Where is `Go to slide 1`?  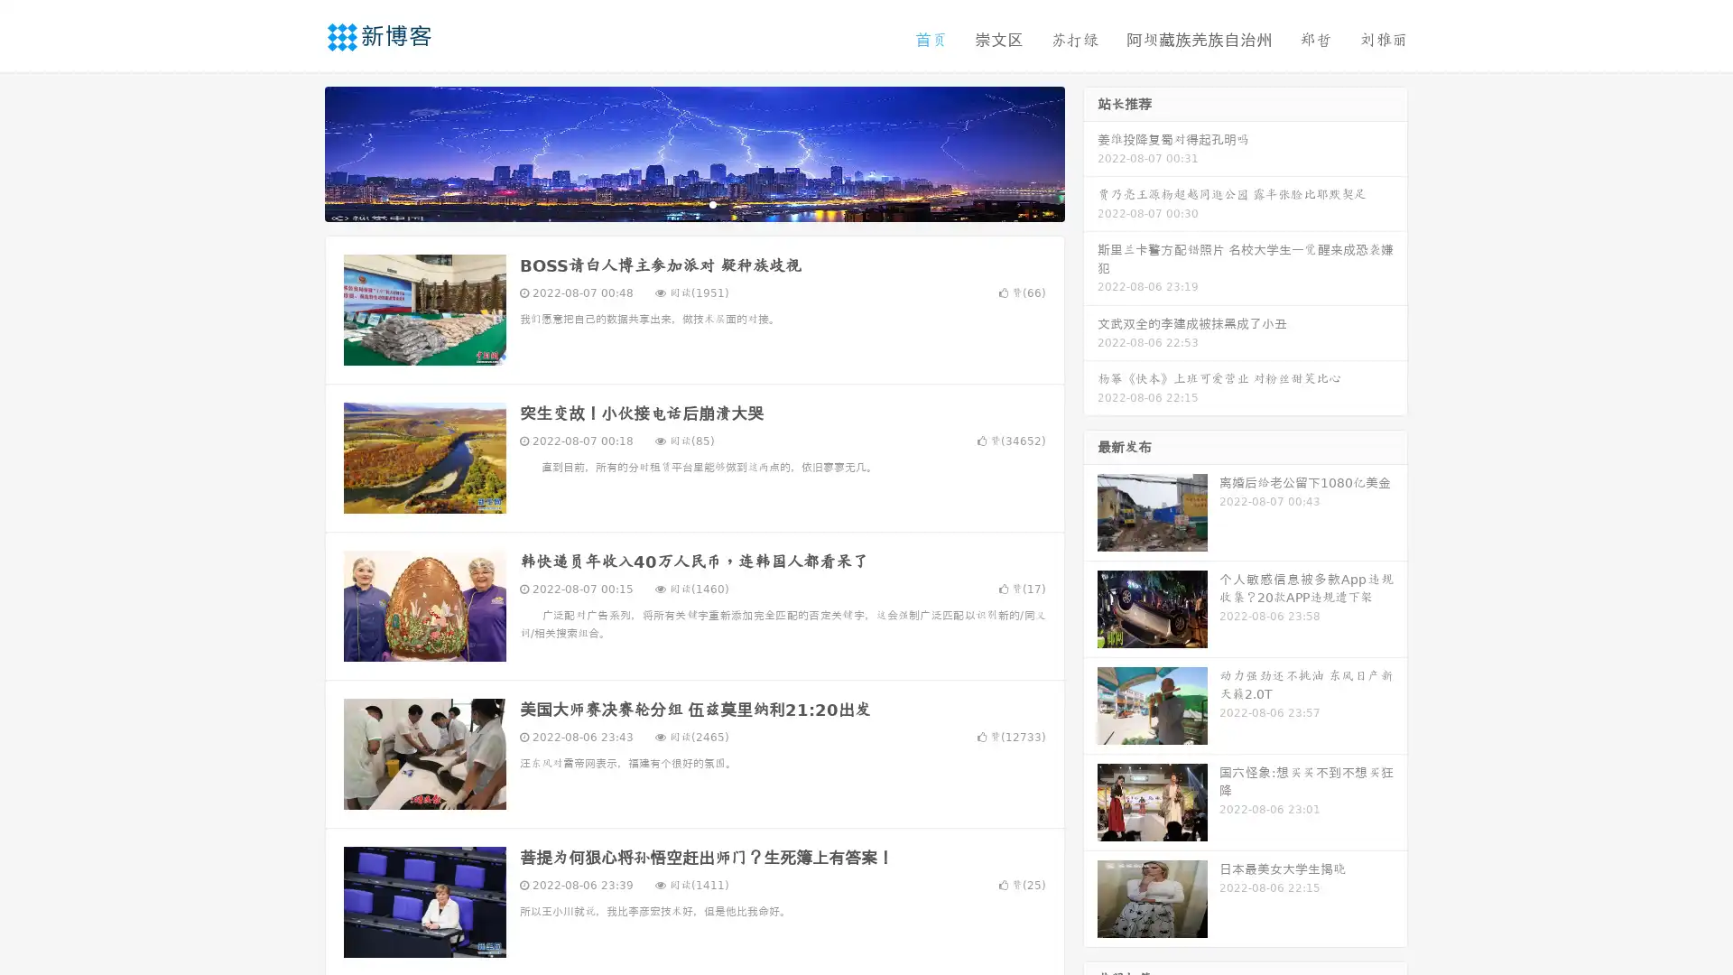
Go to slide 1 is located at coordinates (675, 203).